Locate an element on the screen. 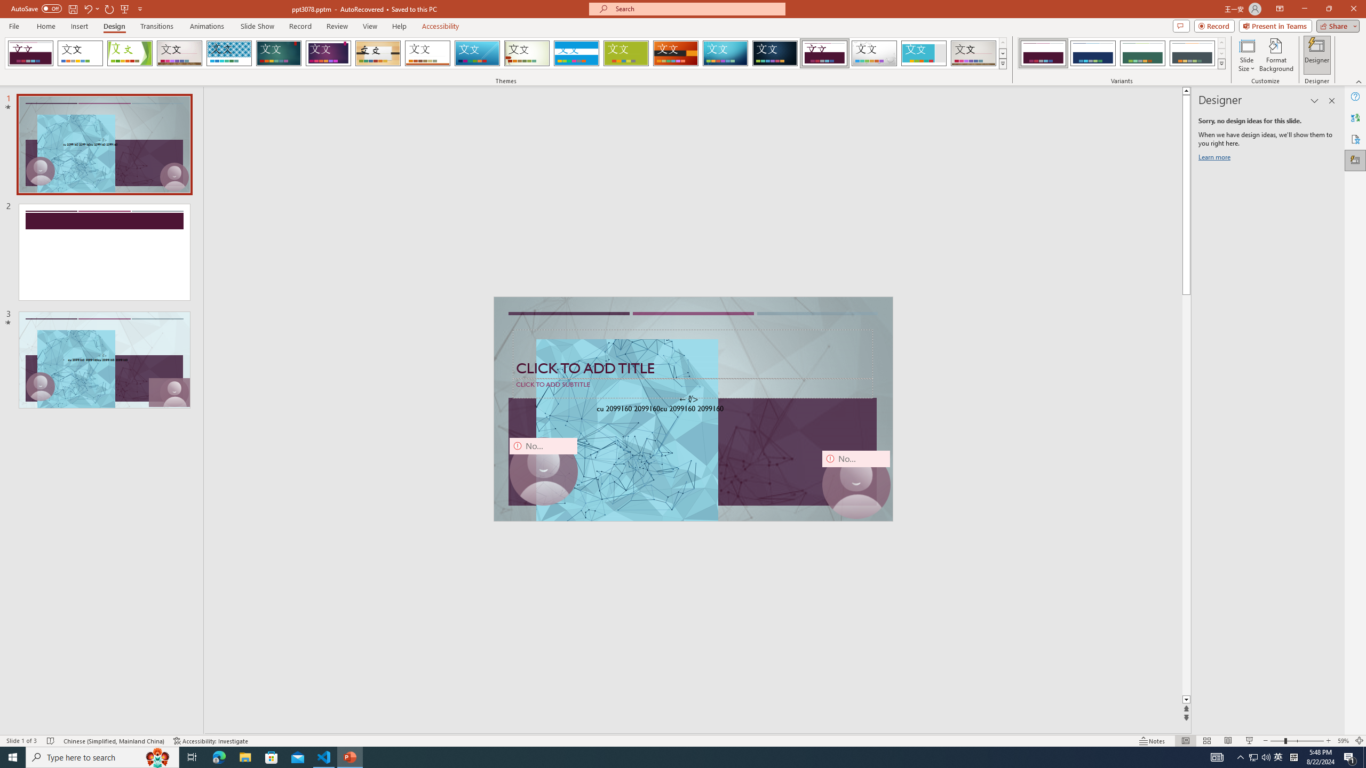 This screenshot has width=1366, height=768. 'Ion Boardroom' is located at coordinates (328, 53).